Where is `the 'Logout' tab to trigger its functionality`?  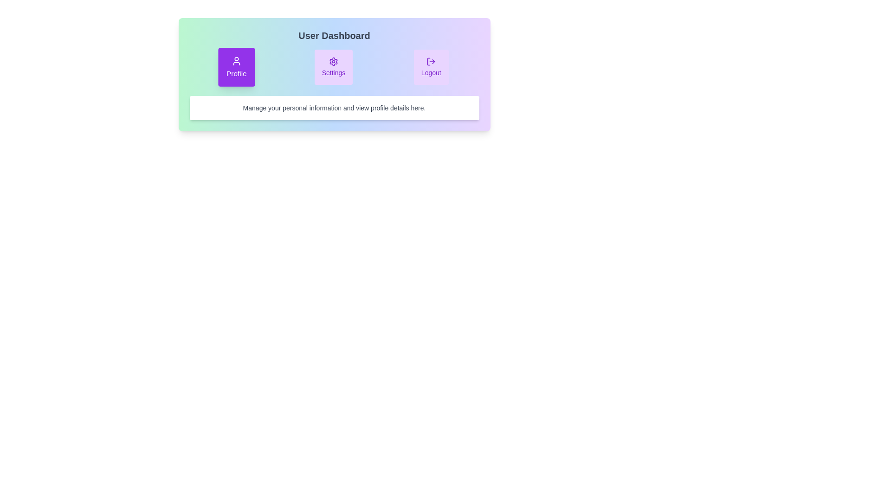
the 'Logout' tab to trigger its functionality is located at coordinates (431, 67).